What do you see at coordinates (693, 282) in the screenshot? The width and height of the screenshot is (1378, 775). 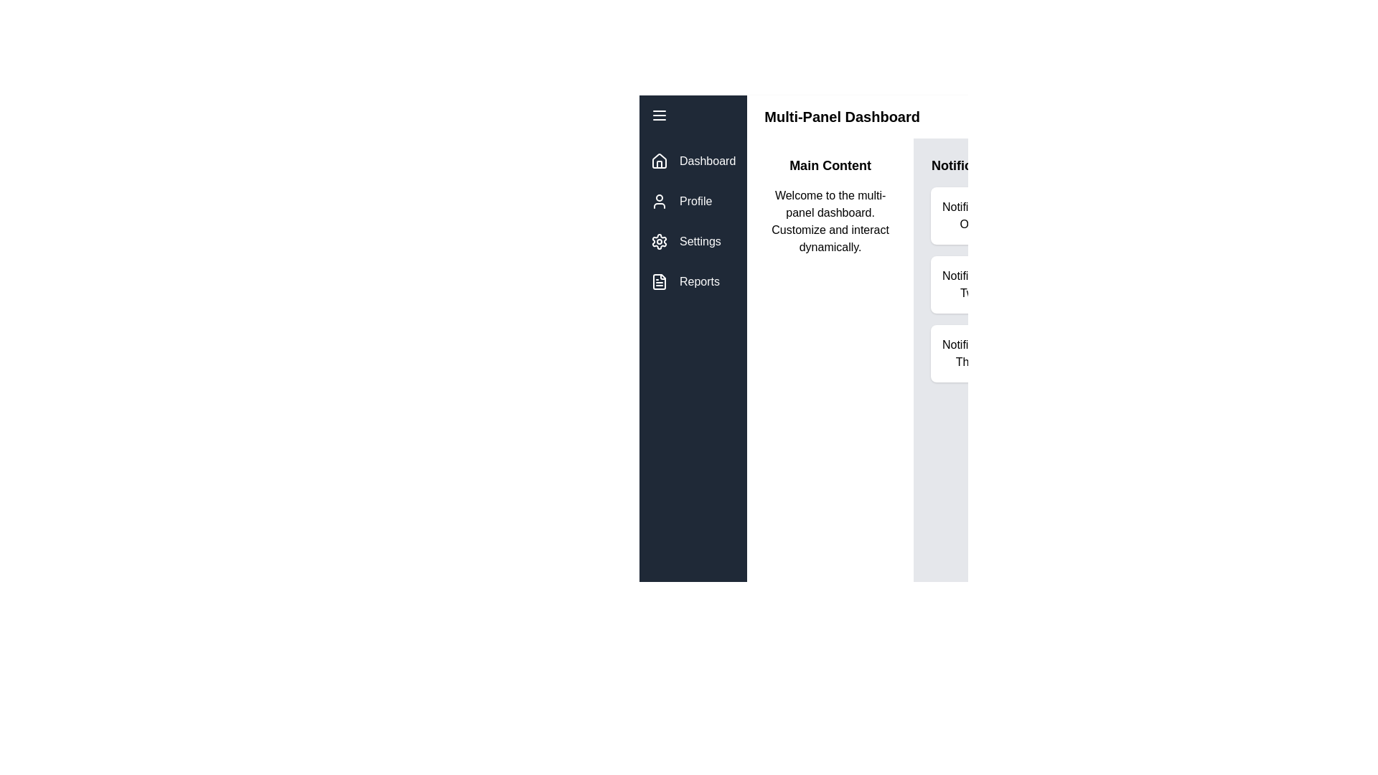 I see `the 'Reports' navigation menu item, which is the fourth item in the vertical list on the left side of the interface, characterized by a document icon and white text on a dark background` at bounding box center [693, 282].